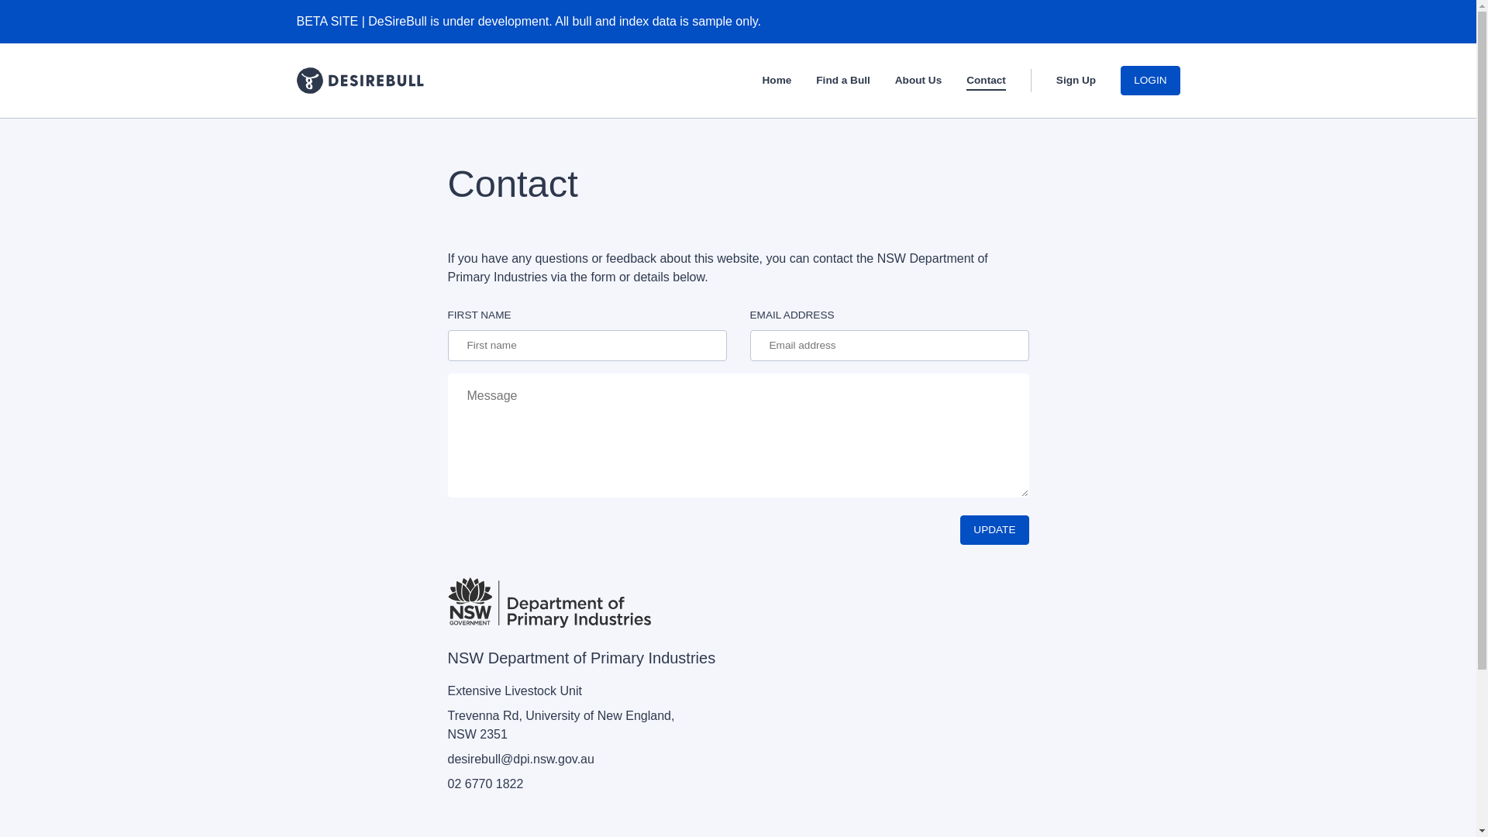 The width and height of the screenshot is (1488, 837). What do you see at coordinates (521, 758) in the screenshot?
I see `'desirebull@dpi.nsw.gov.au'` at bounding box center [521, 758].